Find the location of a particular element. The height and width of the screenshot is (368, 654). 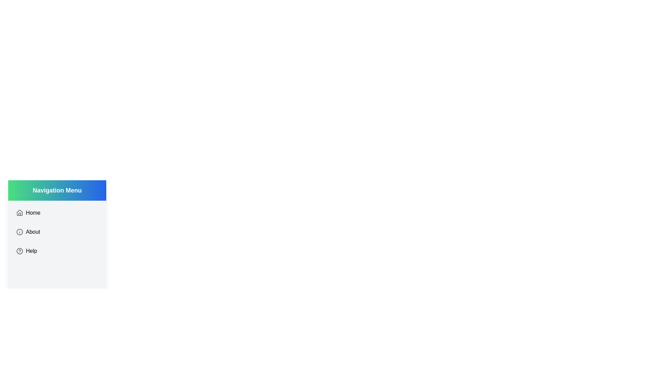

the circular SVG help icon located at the bottom of the 'Help' section in the navigation menu is located at coordinates (19, 251).